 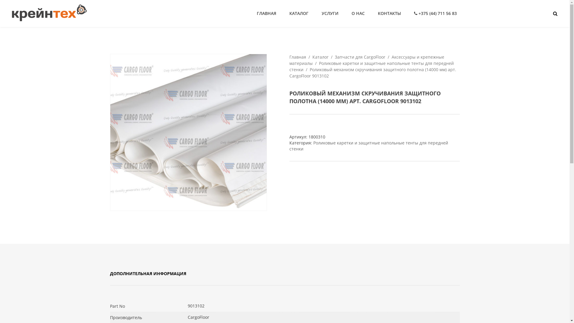 I want to click on ' +375 (44) 711 56 83', so click(x=410, y=13).